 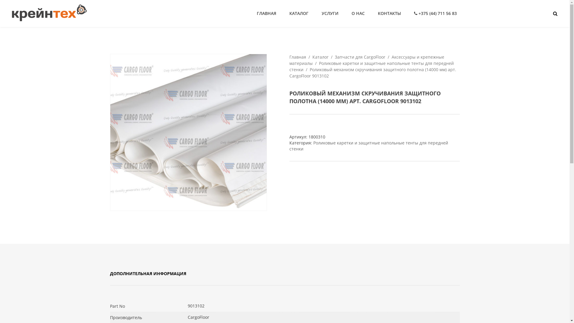 I want to click on ' +375 (44) 711 56 83', so click(x=410, y=13).